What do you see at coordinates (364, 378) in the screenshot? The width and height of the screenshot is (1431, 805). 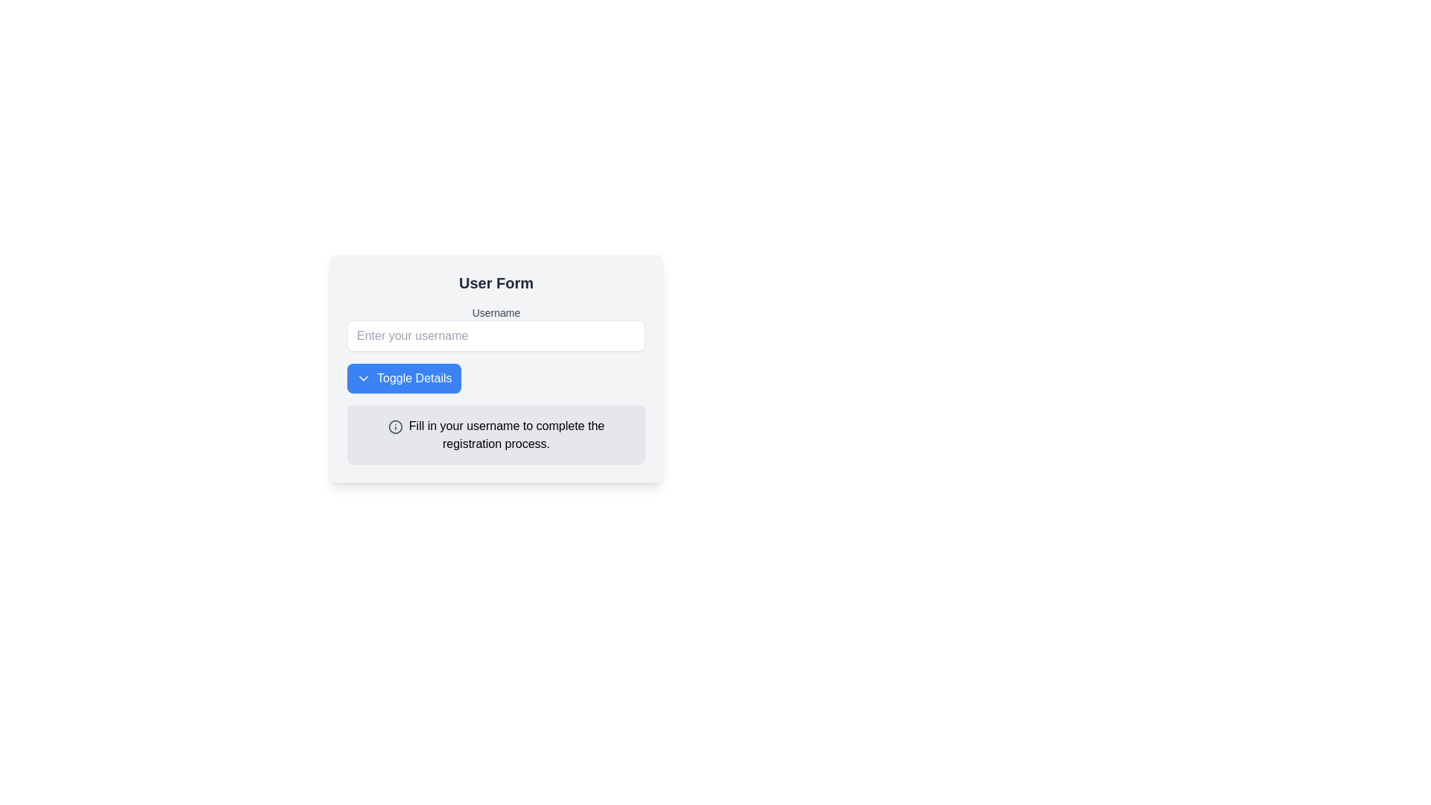 I see `the chevron icon within the 'Toggle Details' button` at bounding box center [364, 378].